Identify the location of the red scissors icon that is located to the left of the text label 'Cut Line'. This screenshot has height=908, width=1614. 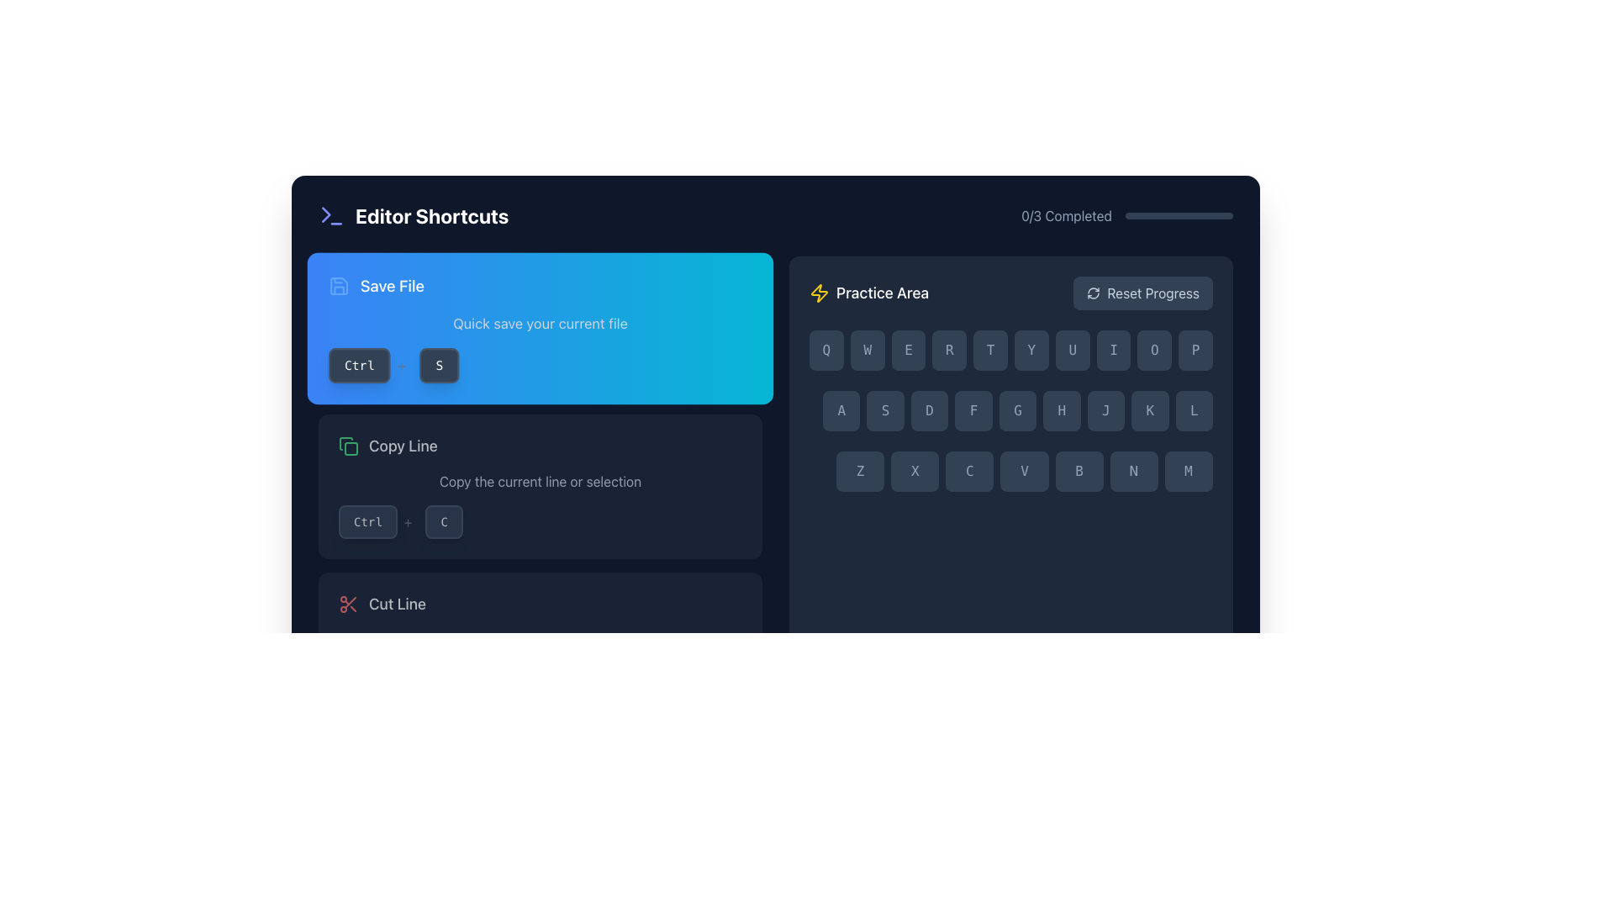
(347, 603).